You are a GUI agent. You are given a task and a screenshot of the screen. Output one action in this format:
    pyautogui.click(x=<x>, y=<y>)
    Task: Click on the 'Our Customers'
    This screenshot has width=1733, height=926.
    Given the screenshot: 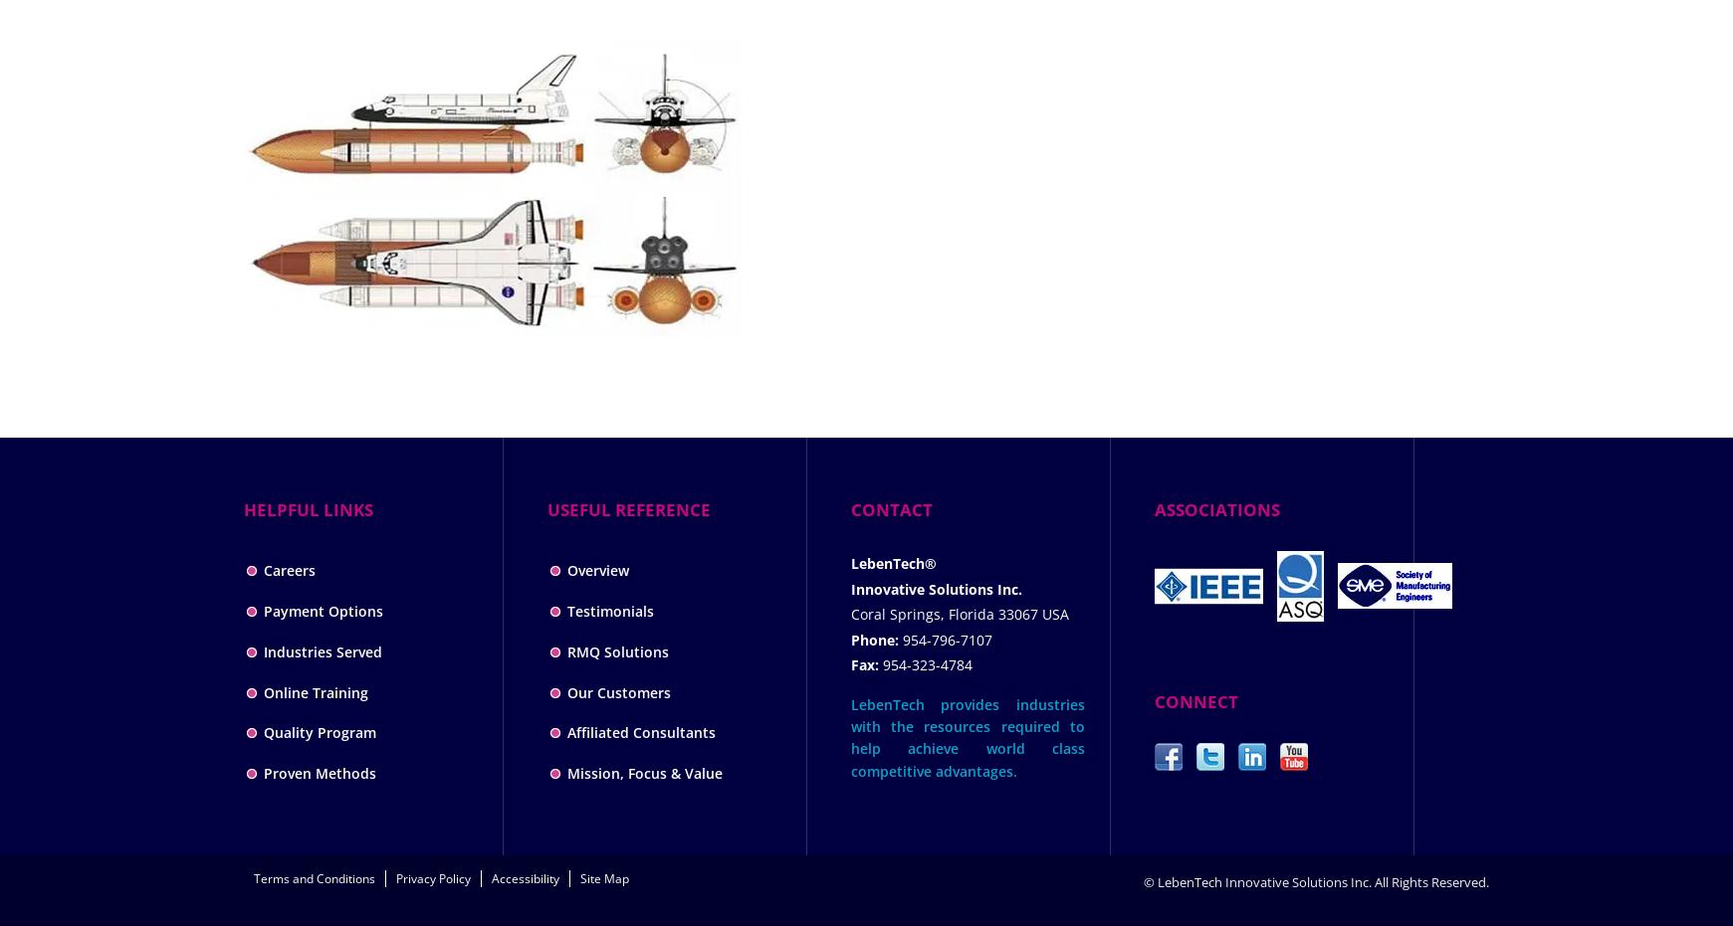 What is the action you would take?
    pyautogui.click(x=618, y=690)
    